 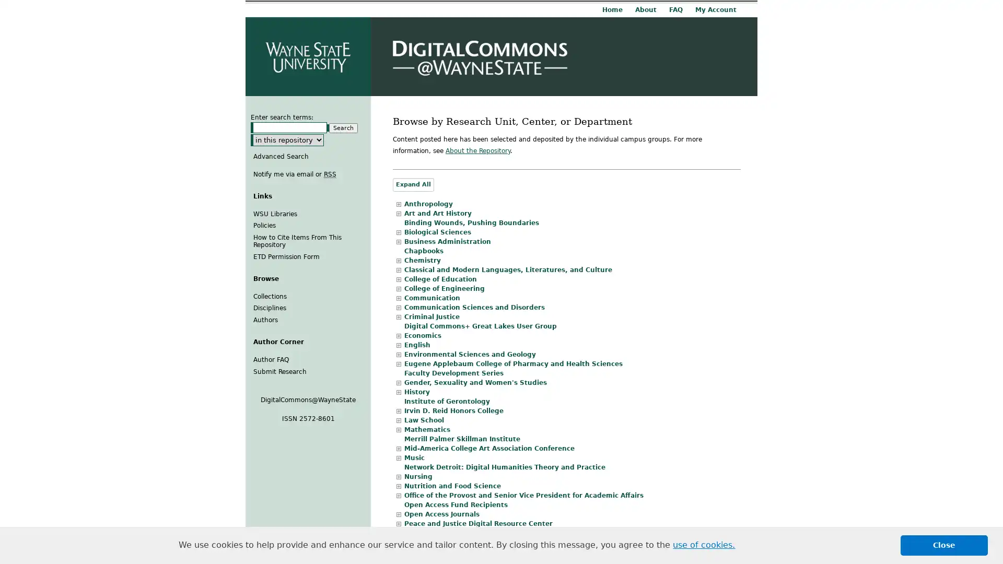 I want to click on Search, so click(x=343, y=127).